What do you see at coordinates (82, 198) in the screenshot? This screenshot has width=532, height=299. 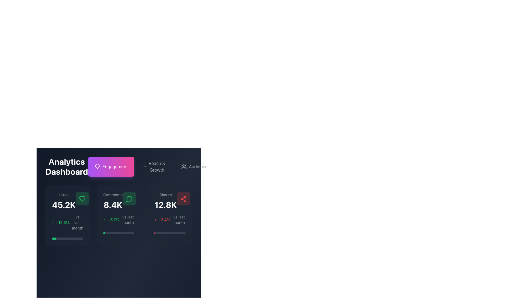 I see `the likes icon located in the upper right of the text '45.2K' in the 'Likes' panel` at bounding box center [82, 198].